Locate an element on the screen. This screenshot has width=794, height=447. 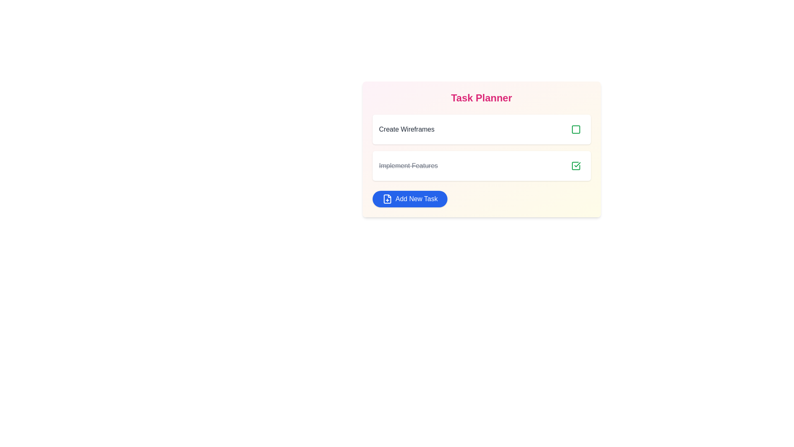
the decorative icon associated with the 'Add New Task' button, which symbolizes document creation and is located on the left side of the button is located at coordinates (387, 199).